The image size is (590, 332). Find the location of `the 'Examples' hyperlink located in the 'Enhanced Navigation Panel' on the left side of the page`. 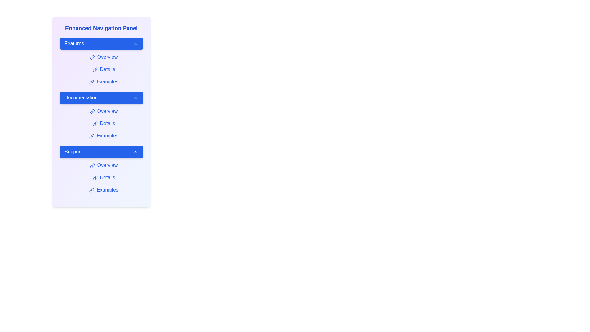

the 'Examples' hyperlink located in the 'Enhanced Navigation Panel' on the left side of the page is located at coordinates (104, 81).